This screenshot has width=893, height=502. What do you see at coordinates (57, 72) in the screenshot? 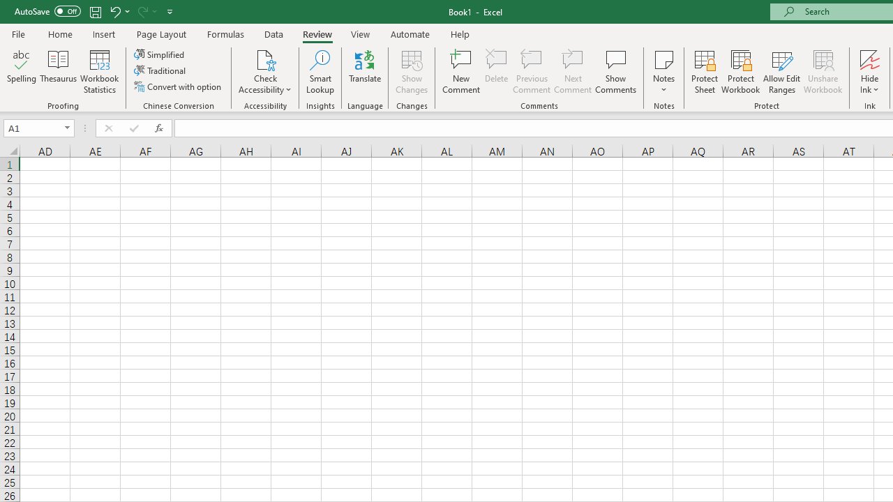
I see `'Thesaurus...'` at bounding box center [57, 72].